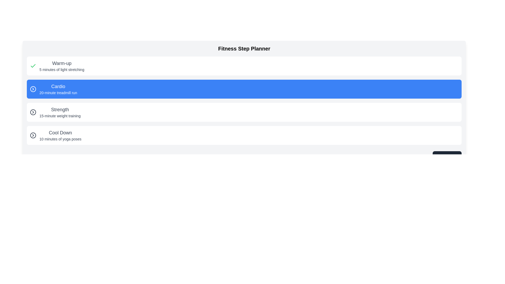 The width and height of the screenshot is (505, 284). Describe the element at coordinates (60, 109) in the screenshot. I see `text content of the 'Strength' label, which is a bold and larger font text element located in the center-left of its enclosing section` at that location.